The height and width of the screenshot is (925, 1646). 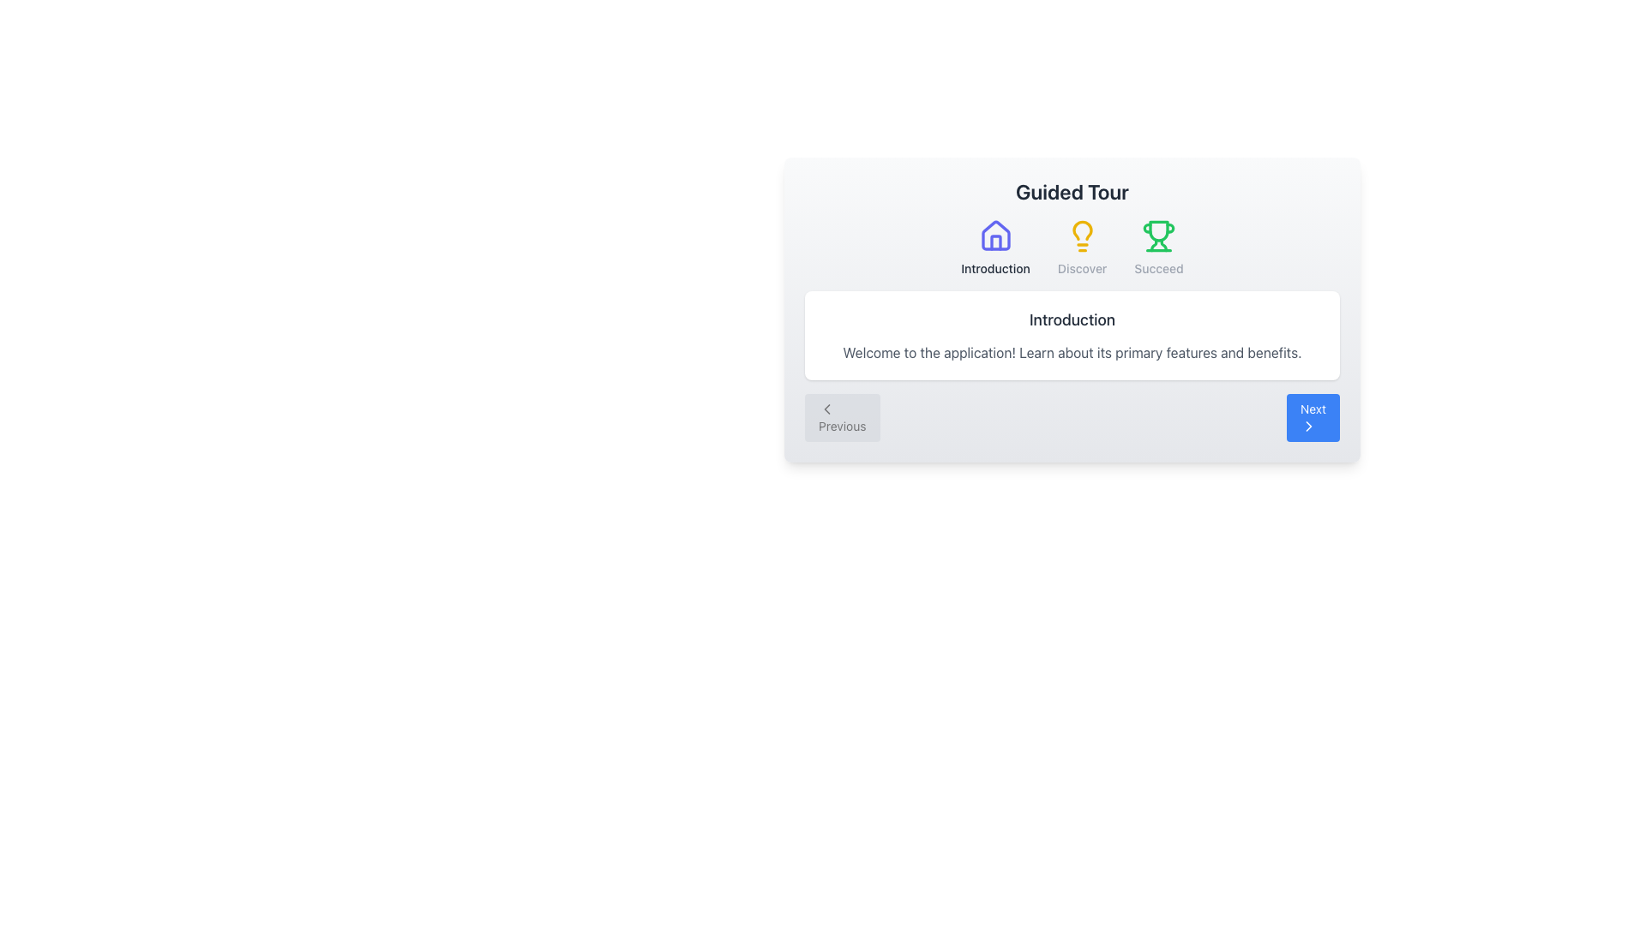 I want to click on the label indicating 'Succeed', which is the fourth element in a horizontal group, positioned below the green trophy icon and to the right of 'Introduction' and 'Discover', so click(x=1159, y=268).